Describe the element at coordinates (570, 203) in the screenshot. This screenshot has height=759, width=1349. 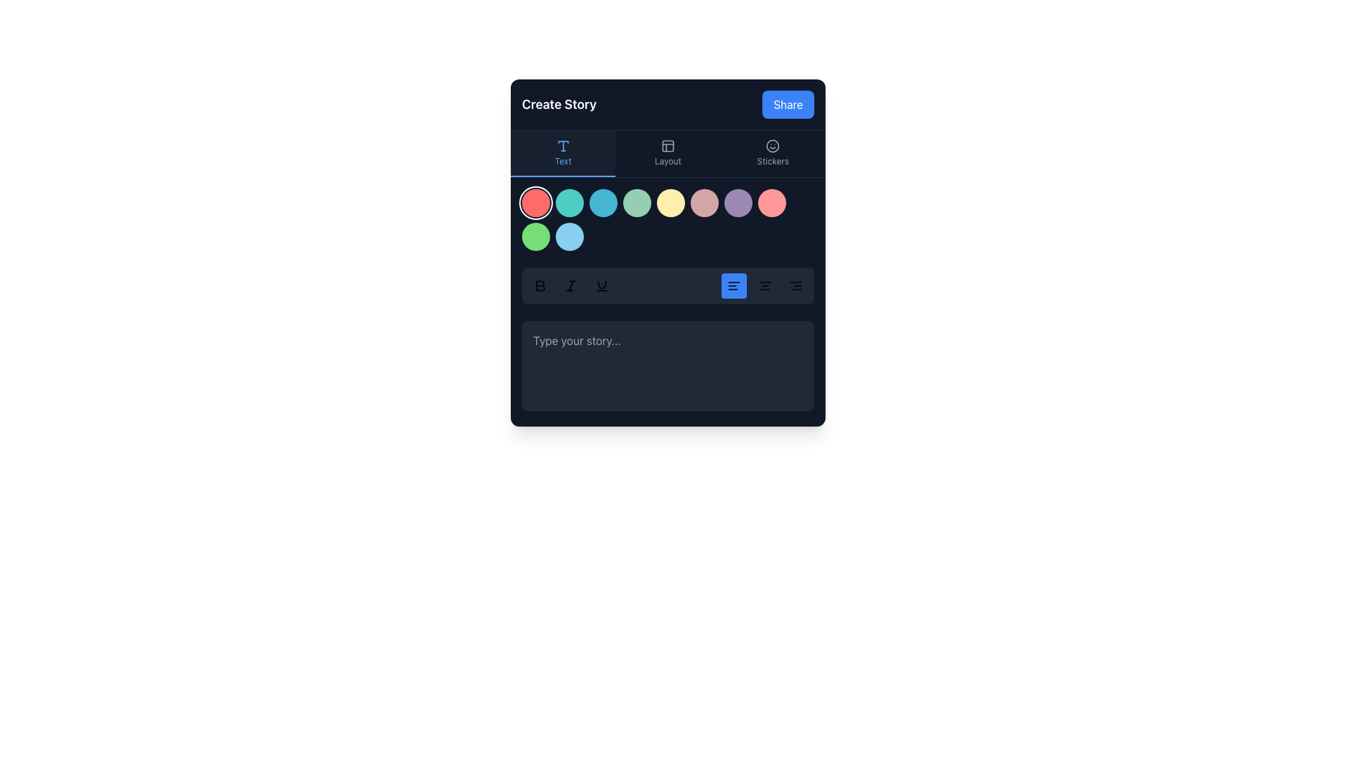
I see `the teal circular button, which is the second button in the first row of a grid of similar buttons` at that location.